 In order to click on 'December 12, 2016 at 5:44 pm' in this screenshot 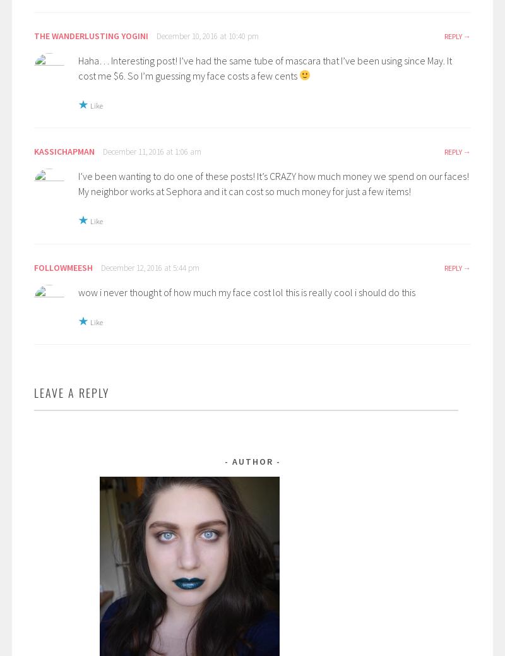, I will do `click(150, 266)`.